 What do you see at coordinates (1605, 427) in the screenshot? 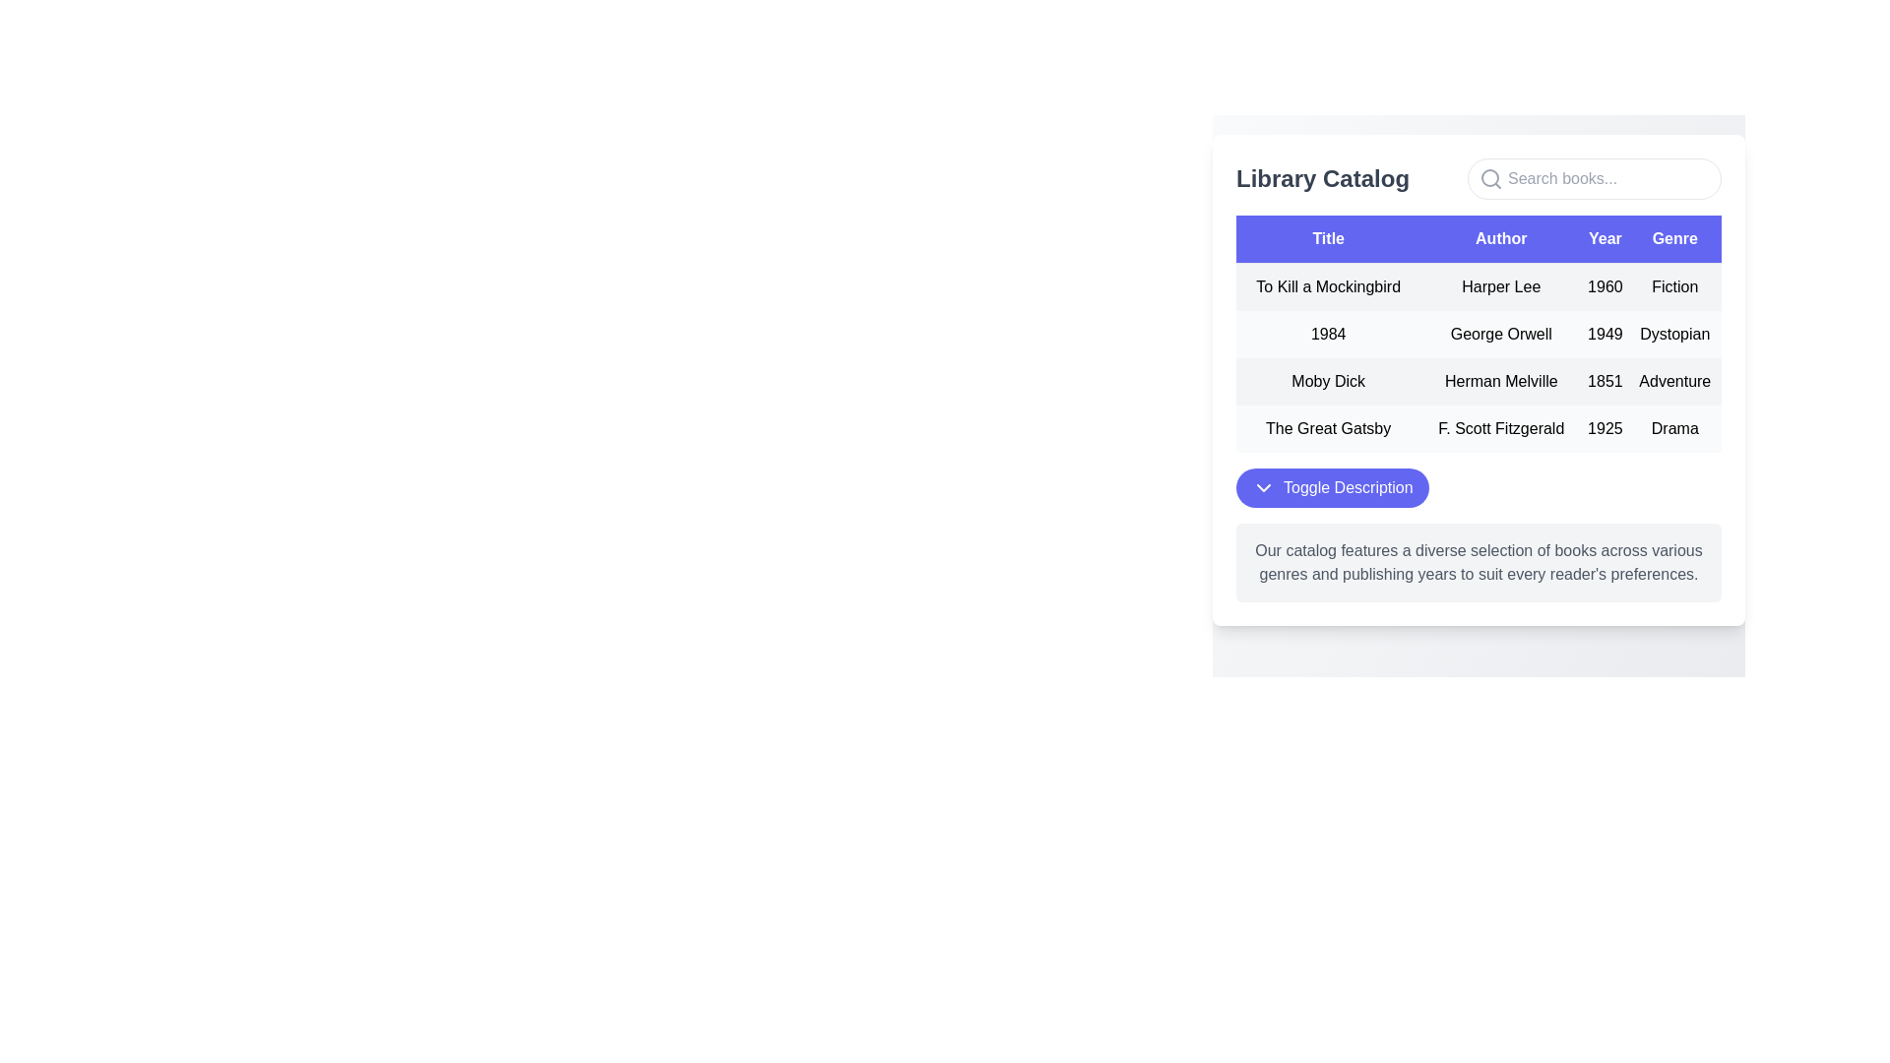
I see `the Text Display containing '1925' in the 'Year' column of the 'Library Catalog' table` at bounding box center [1605, 427].